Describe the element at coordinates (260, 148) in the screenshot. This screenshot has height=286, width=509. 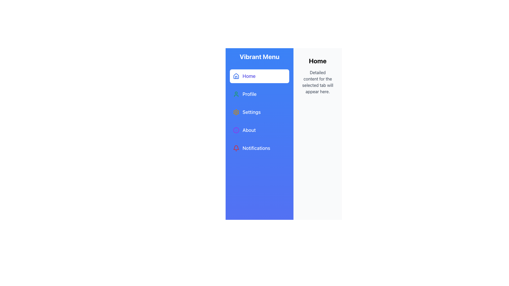
I see `the 'Notifications' menu option button, which is the fifth item in the vertical navigation menu styled against a blue background` at that location.